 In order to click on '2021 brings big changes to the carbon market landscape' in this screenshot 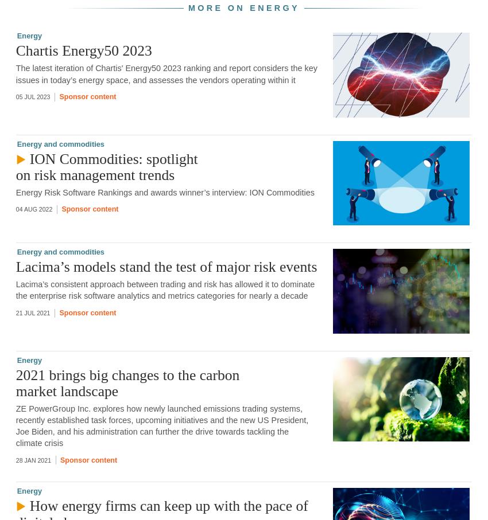, I will do `click(127, 382)`.